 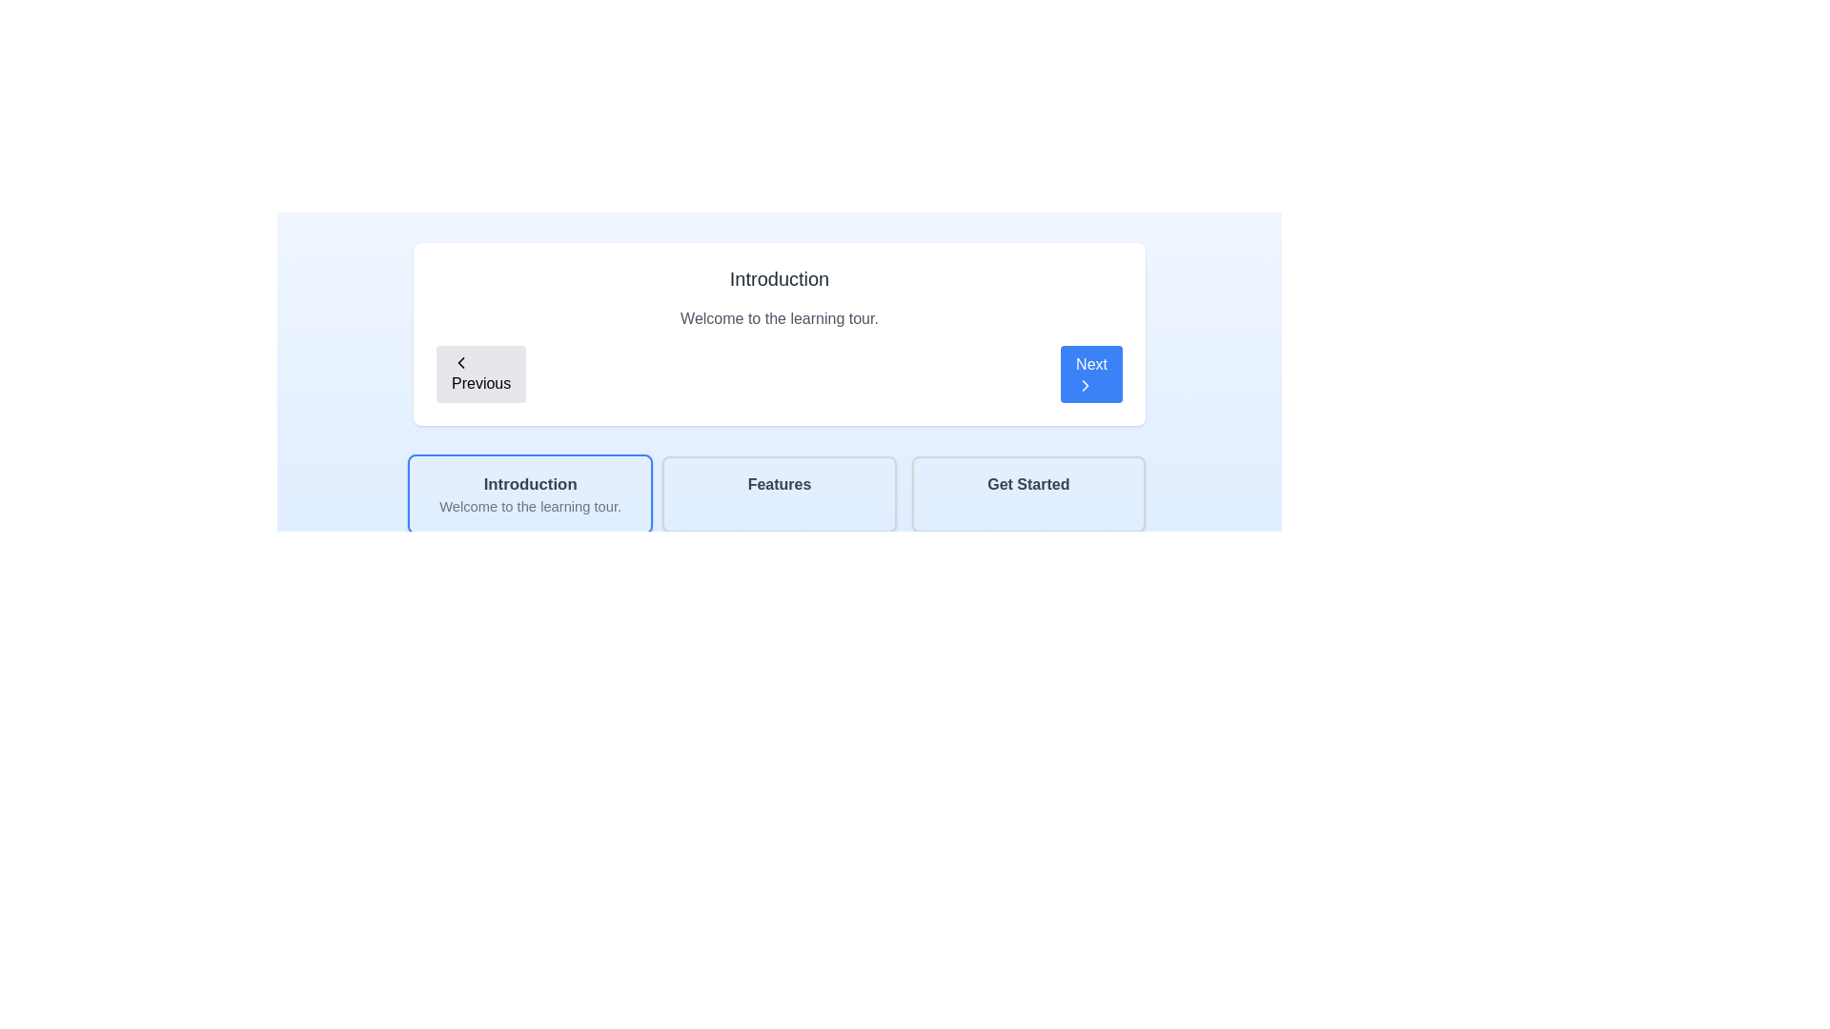 What do you see at coordinates (779, 318) in the screenshot?
I see `the welcome message text label located below the 'Introduction' header and to the right of the 'Previous' and 'Next' buttons` at bounding box center [779, 318].